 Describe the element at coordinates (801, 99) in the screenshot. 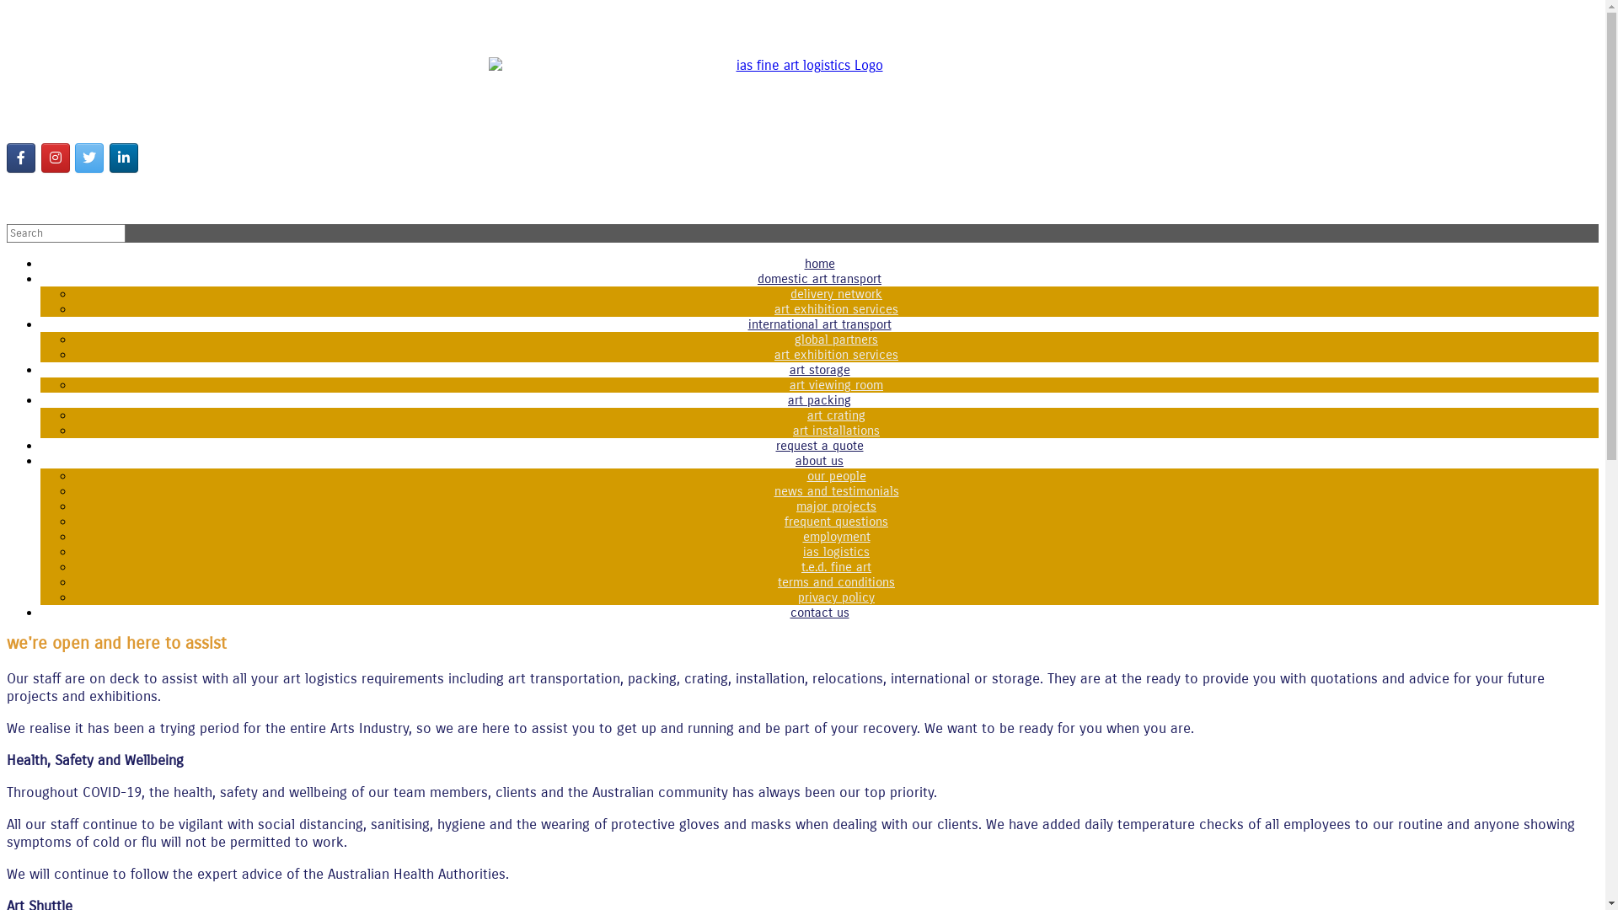

I see `'ias fine art logistics'` at that location.